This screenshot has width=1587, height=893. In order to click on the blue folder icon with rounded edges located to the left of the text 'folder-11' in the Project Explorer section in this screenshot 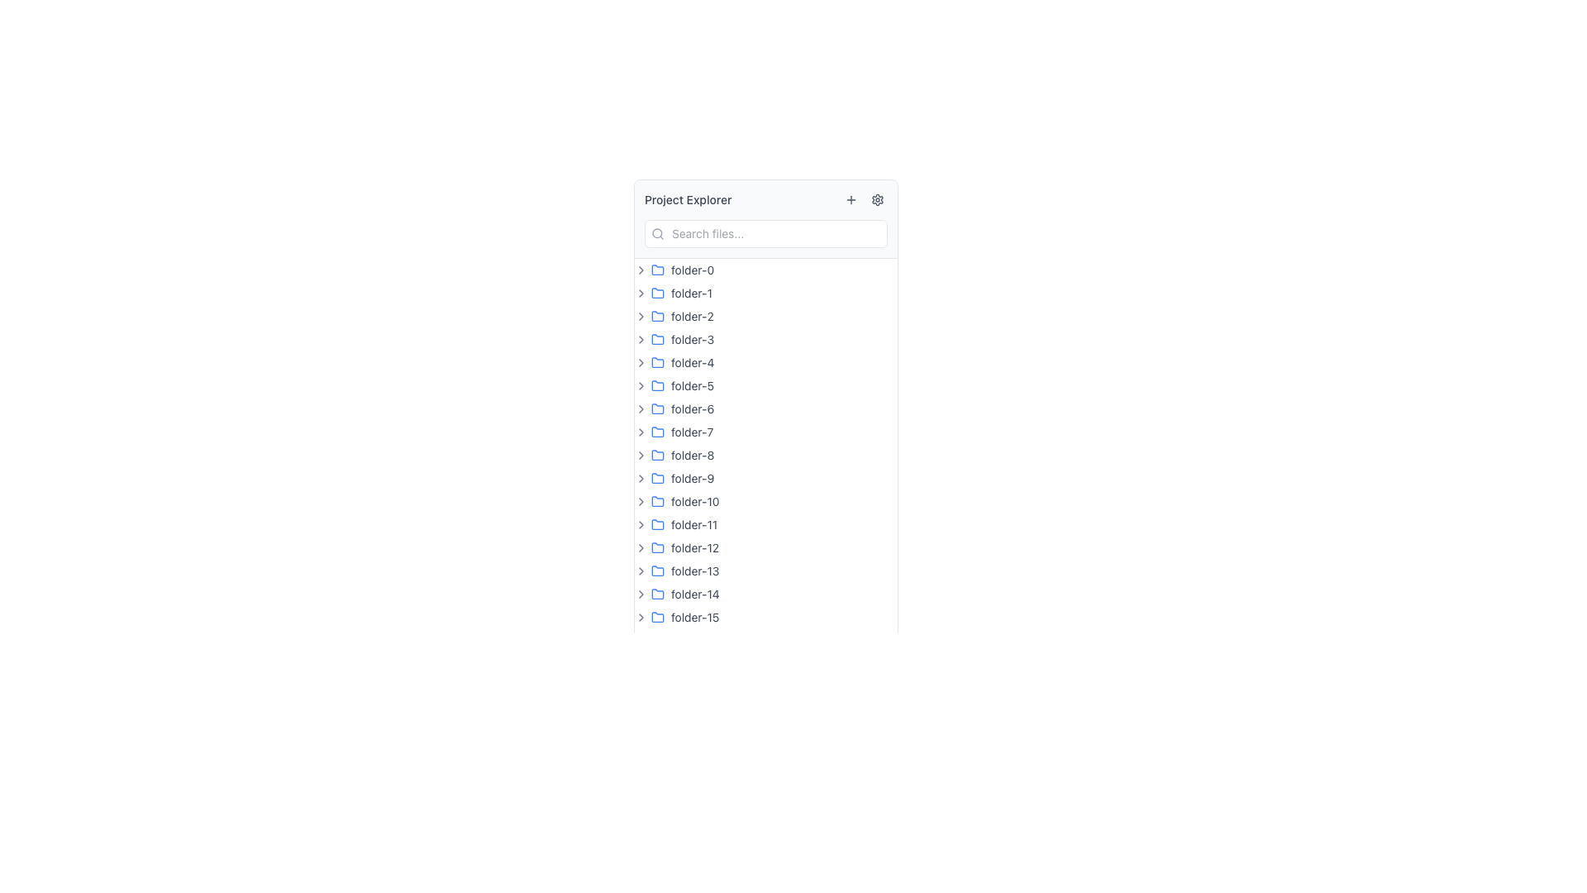, I will do `click(657, 525)`.